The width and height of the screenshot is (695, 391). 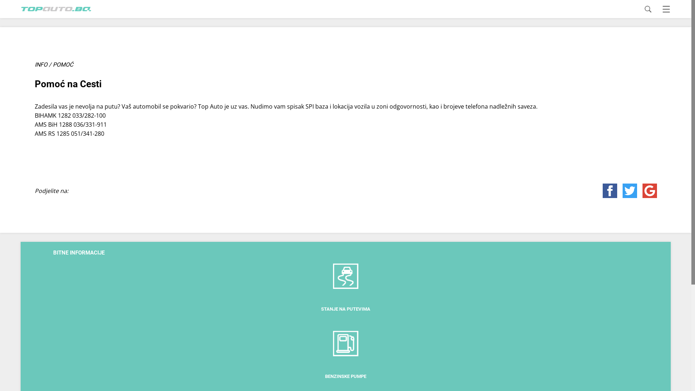 What do you see at coordinates (79, 252) in the screenshot?
I see `'BITNE INFORMACIJE'` at bounding box center [79, 252].